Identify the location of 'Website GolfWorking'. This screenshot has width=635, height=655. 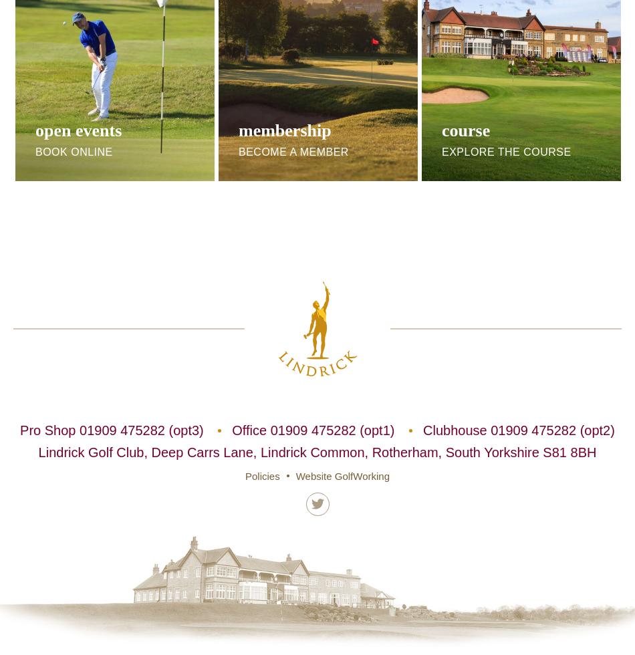
(342, 475).